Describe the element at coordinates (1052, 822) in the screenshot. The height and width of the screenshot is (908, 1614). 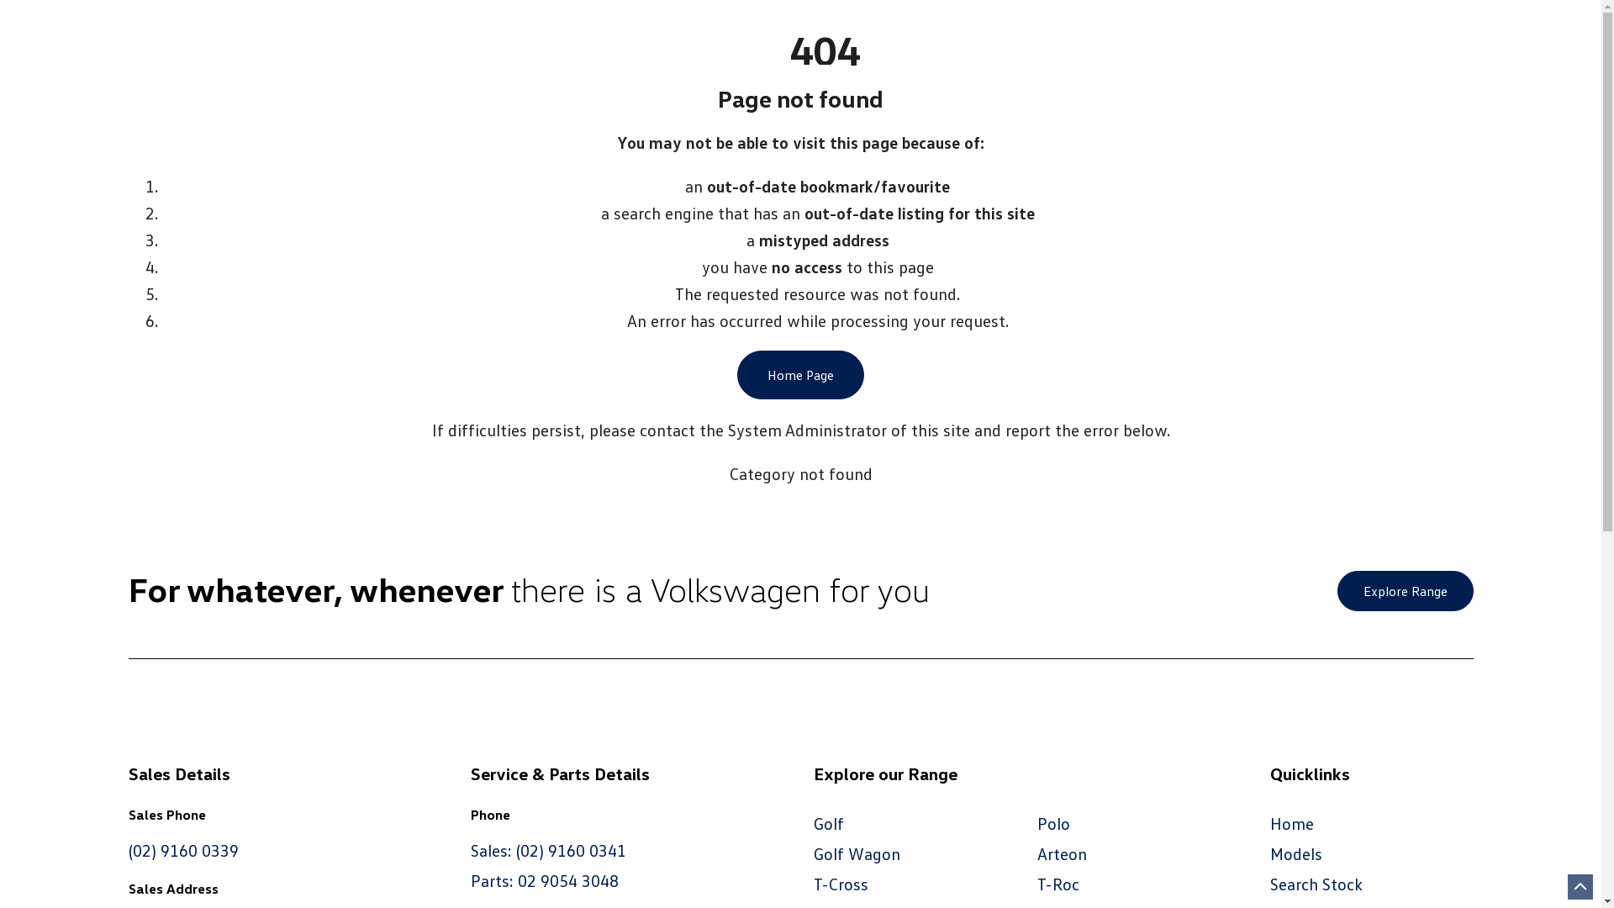
I see `'Polo'` at that location.